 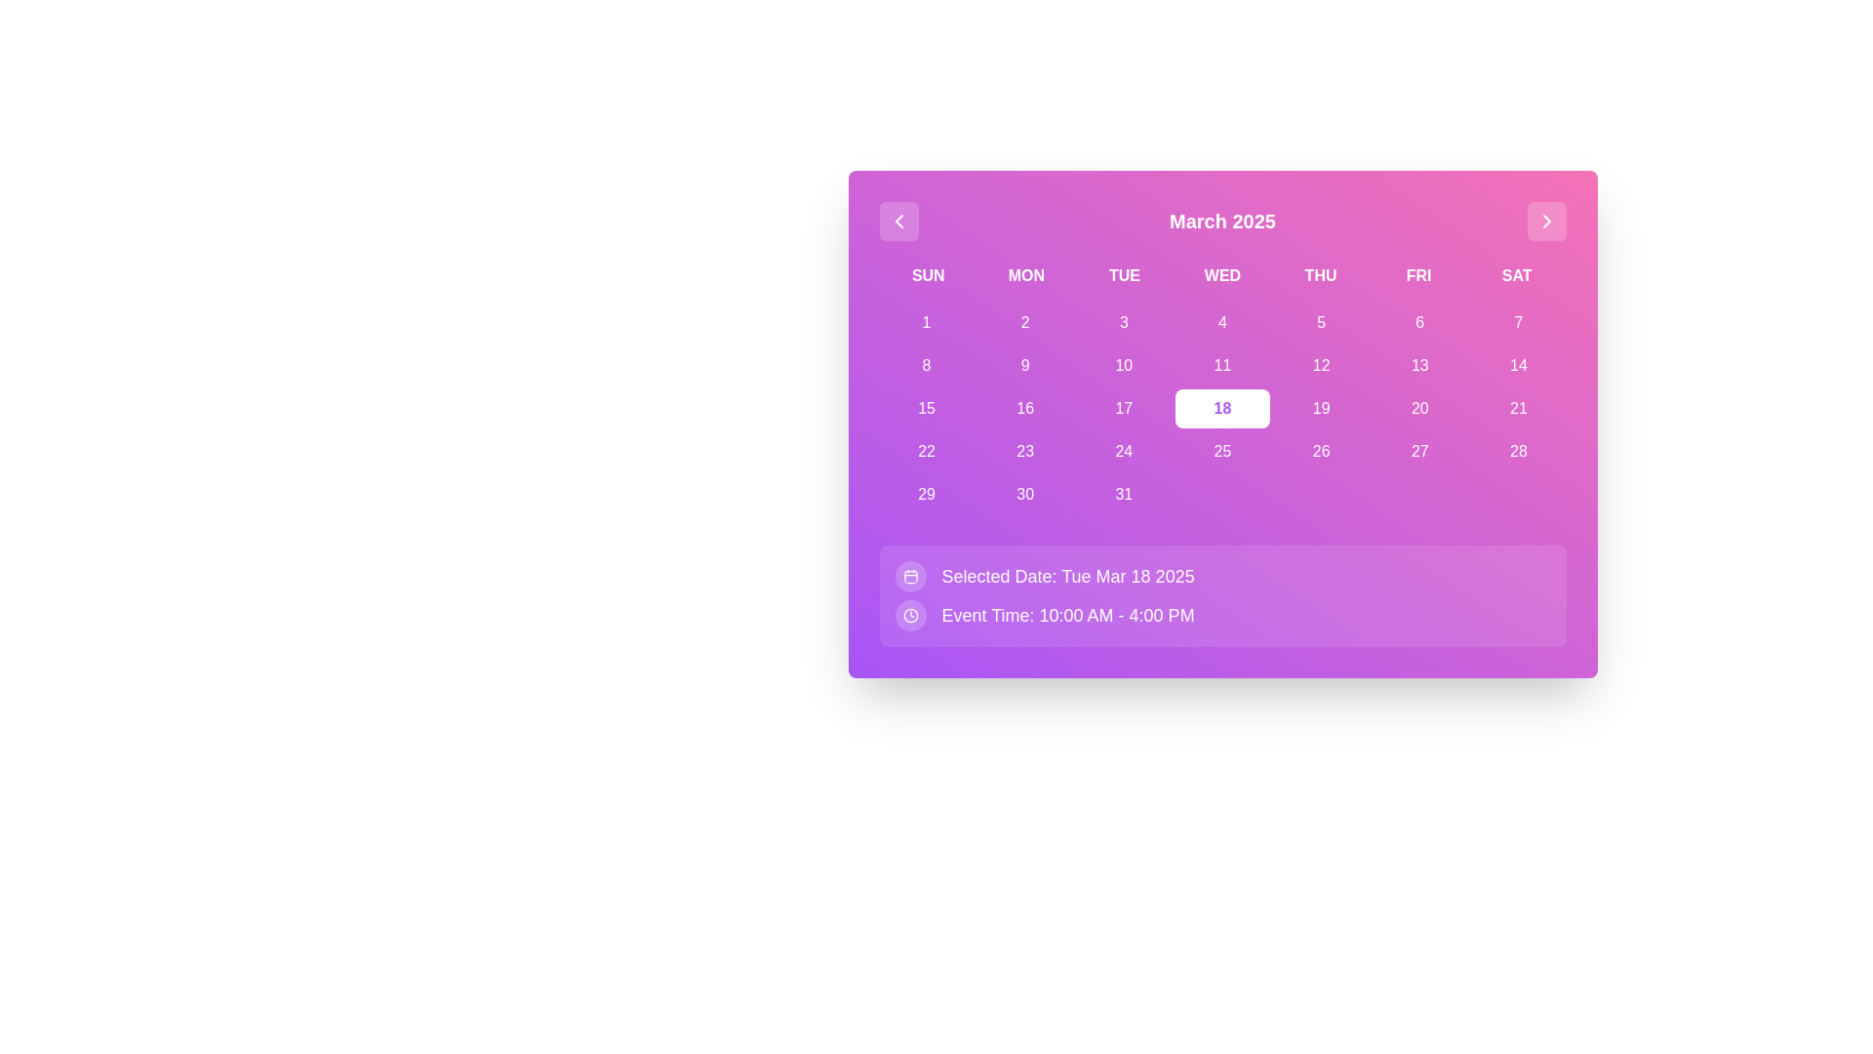 What do you see at coordinates (897, 221) in the screenshot?
I see `the left-pointing chevron icon, which is part of the SVG and located in the top-left corner of the calendar interface` at bounding box center [897, 221].